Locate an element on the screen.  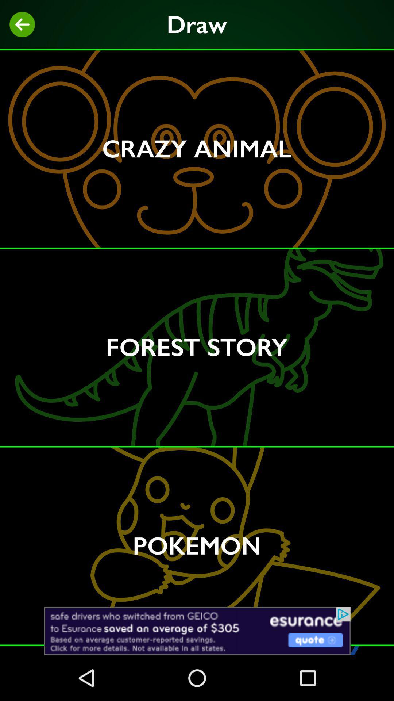
the arrow_backward icon is located at coordinates (22, 24).